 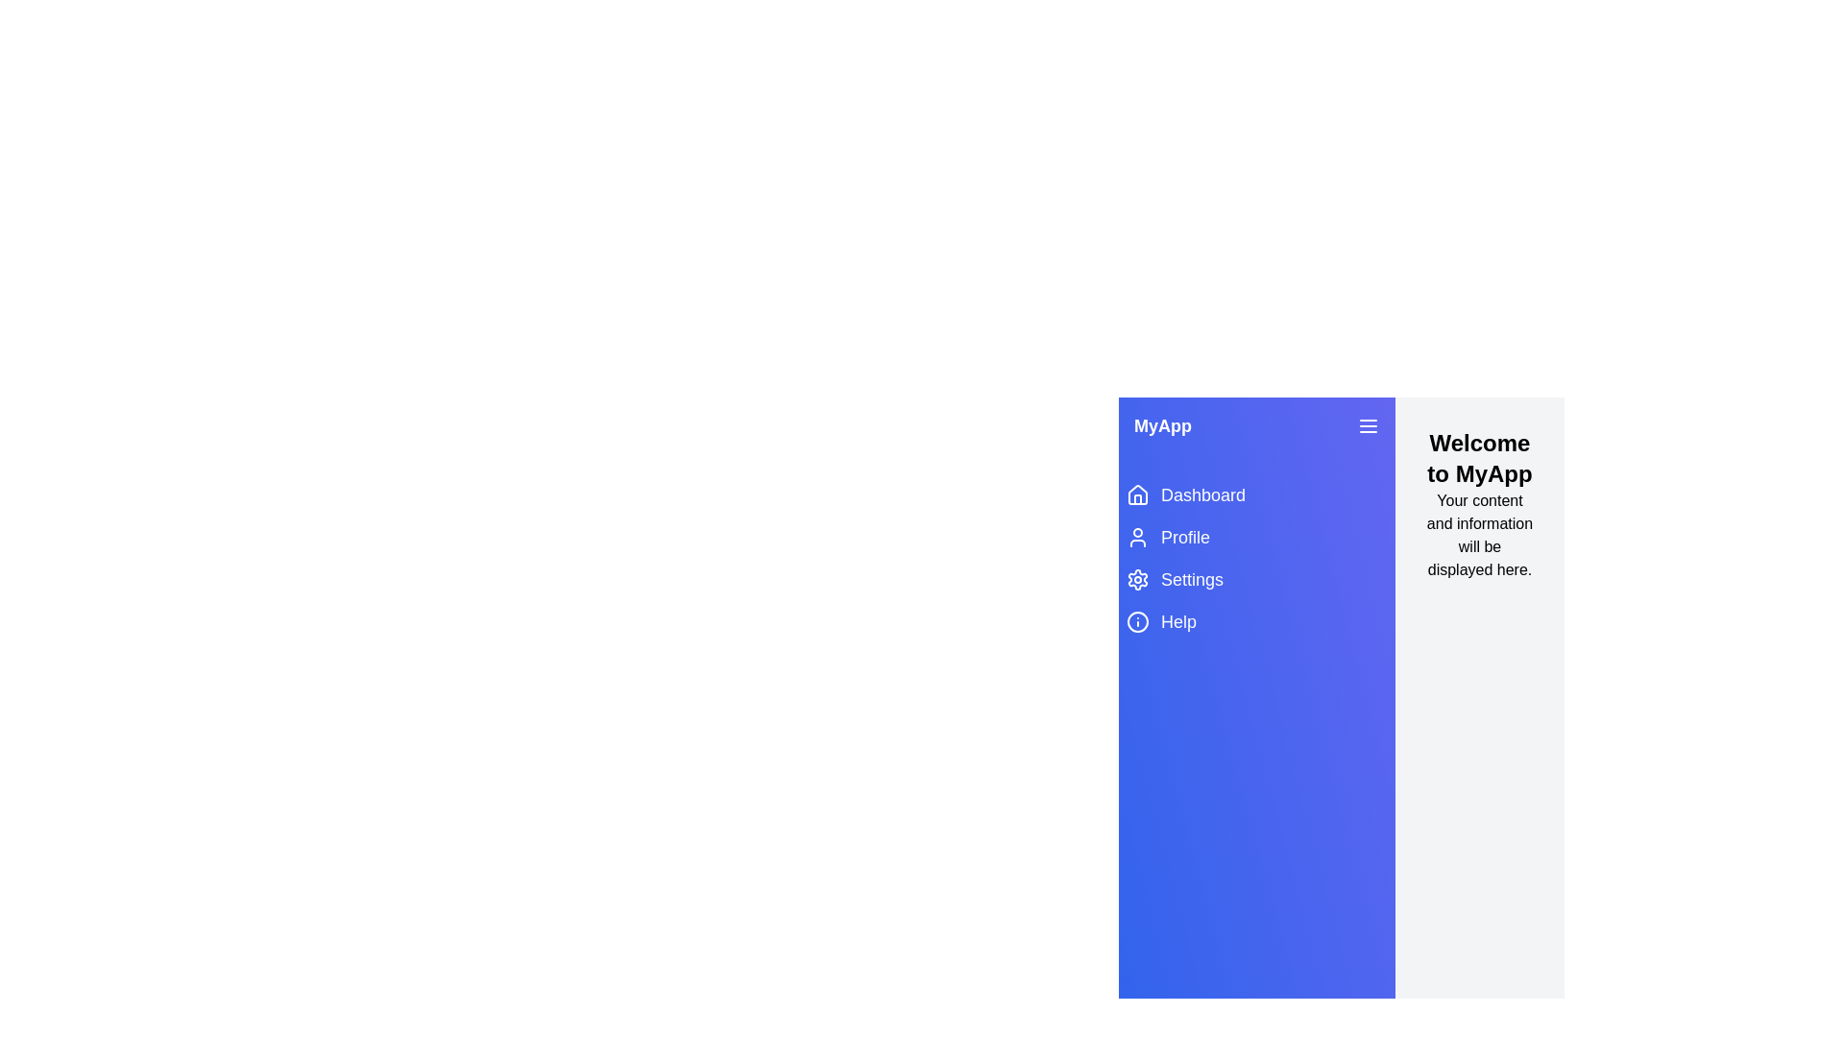 What do you see at coordinates (1368, 424) in the screenshot?
I see `the menu button to toggle the drawer` at bounding box center [1368, 424].